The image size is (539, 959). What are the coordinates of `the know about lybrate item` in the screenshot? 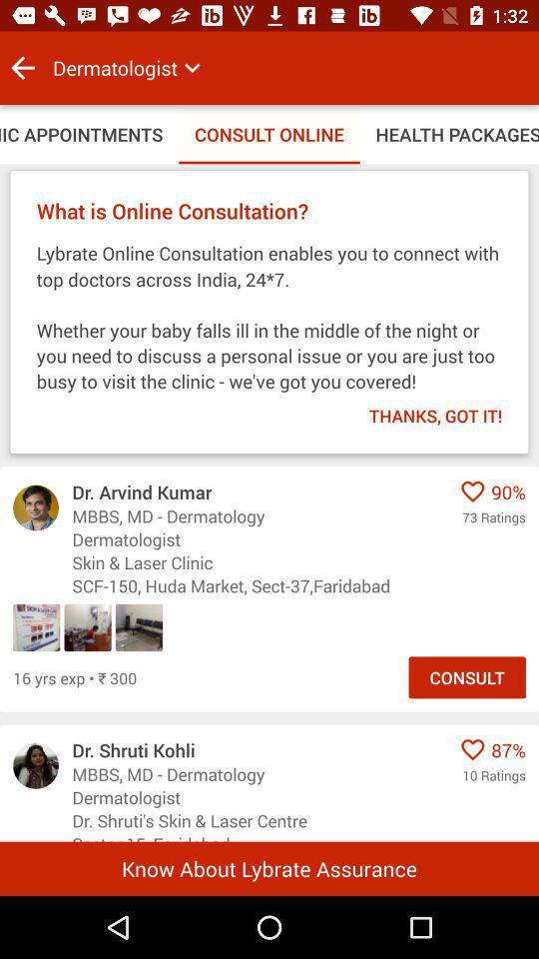 It's located at (269, 867).